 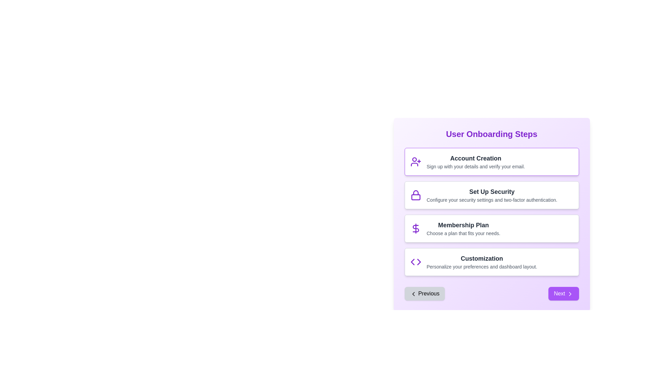 What do you see at coordinates (492, 229) in the screenshot?
I see `the 'Membership Plan' step indicator element, which is the third item in the User Onboarding Steps list, featuring a purple dollar sign icon and two lines of text: 'Membership Plan' in bold and 'Choose a plan that fits your needs.'` at bounding box center [492, 229].